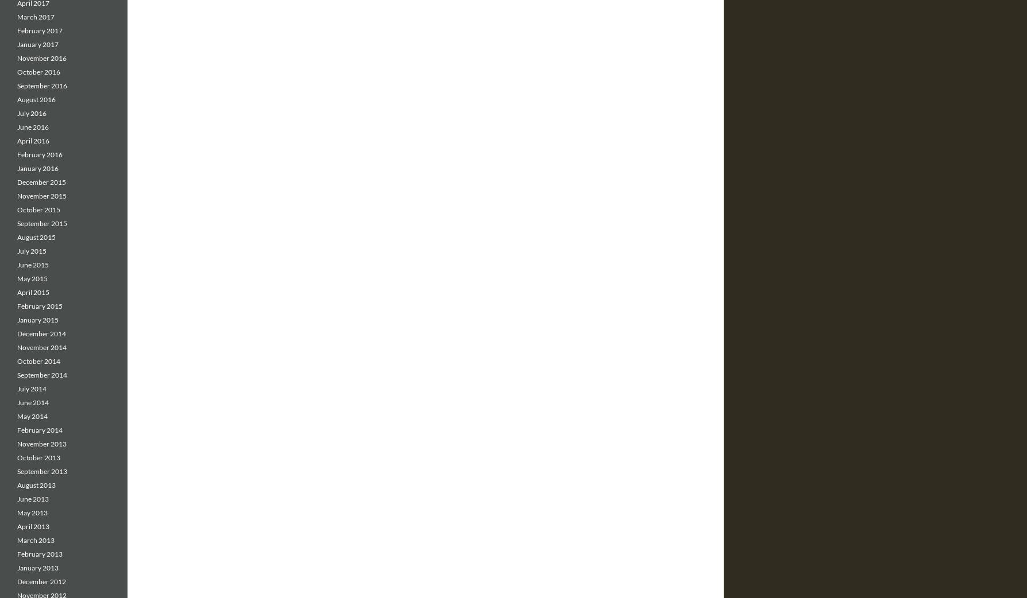 This screenshot has height=598, width=1027. I want to click on 'October 2015', so click(38, 209).